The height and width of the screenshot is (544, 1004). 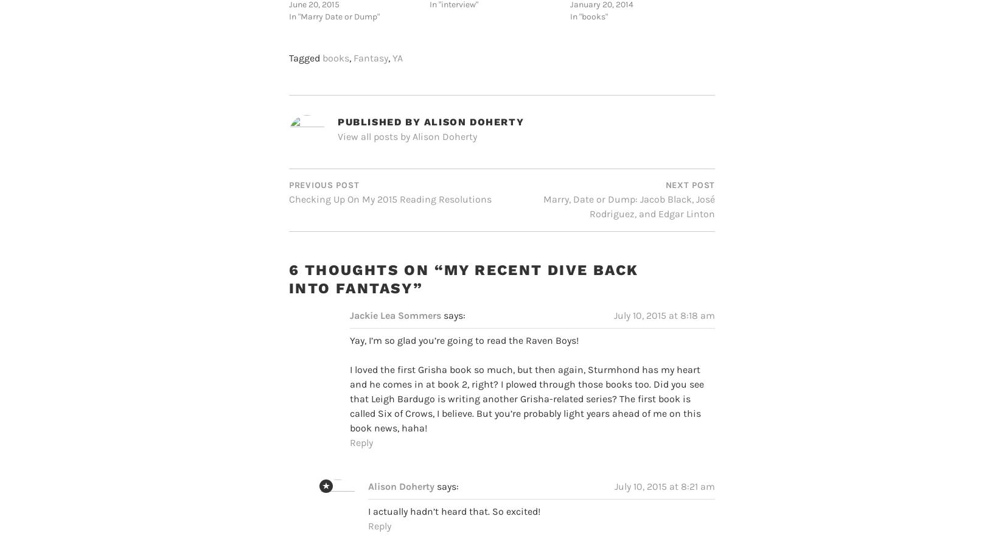 I want to click on 'Published by', so click(x=337, y=99).